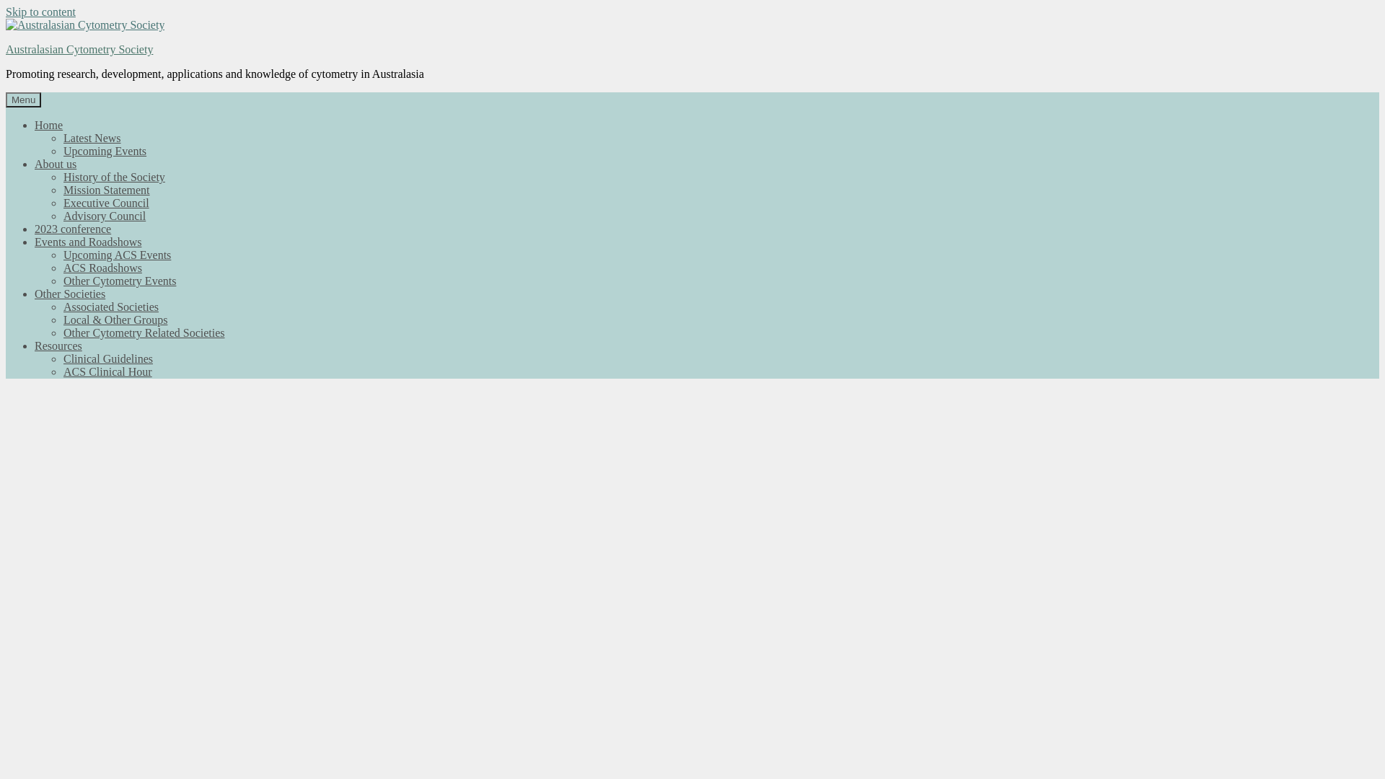 This screenshot has height=779, width=1385. I want to click on '2023 conference', so click(71, 228).